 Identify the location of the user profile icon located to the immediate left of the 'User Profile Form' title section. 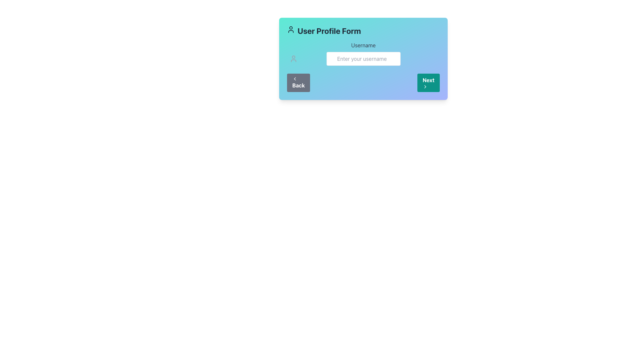
(290, 29).